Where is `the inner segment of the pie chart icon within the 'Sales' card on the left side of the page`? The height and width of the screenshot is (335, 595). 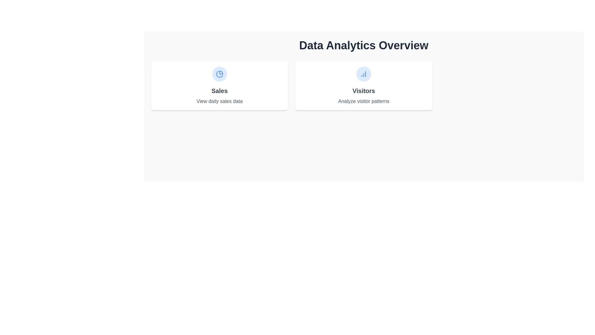 the inner segment of the pie chart icon within the 'Sales' card on the left side of the page is located at coordinates (221, 72).